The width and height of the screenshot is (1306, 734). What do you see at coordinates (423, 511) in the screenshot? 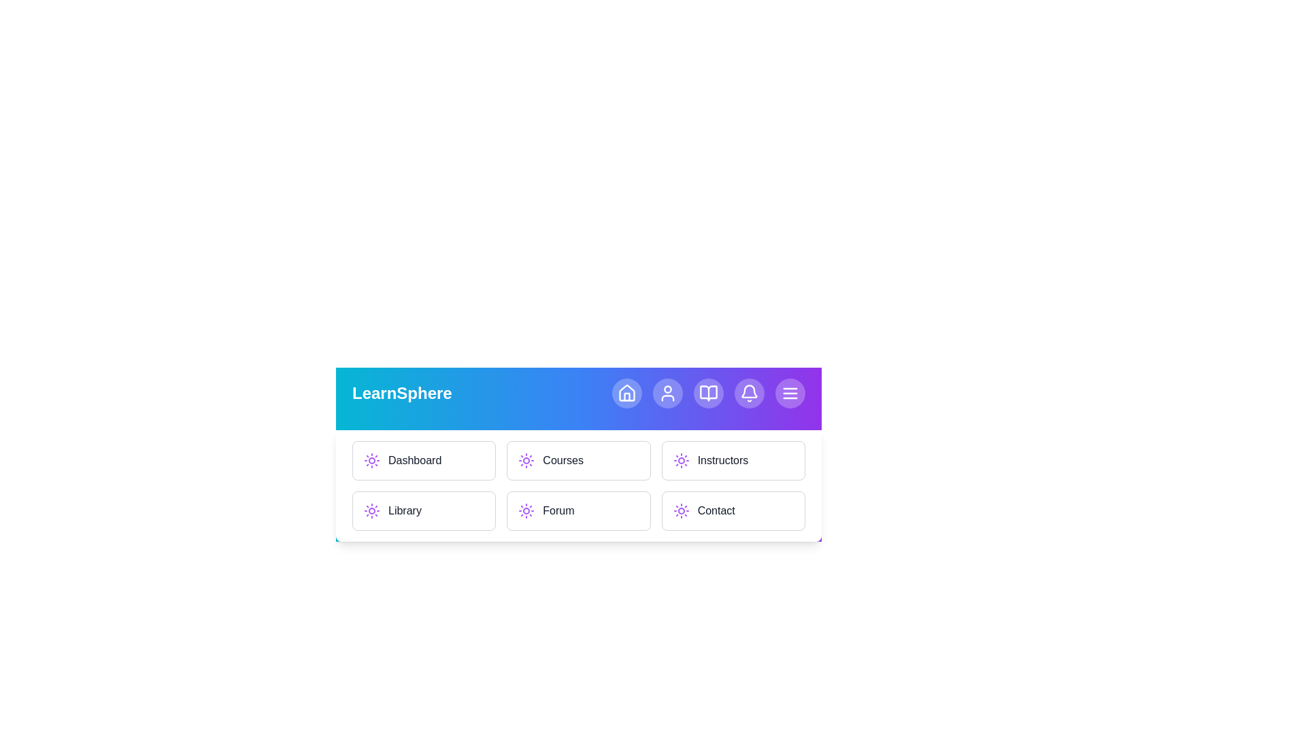
I see `the menu item Library to navigate to the corresponding section` at bounding box center [423, 511].